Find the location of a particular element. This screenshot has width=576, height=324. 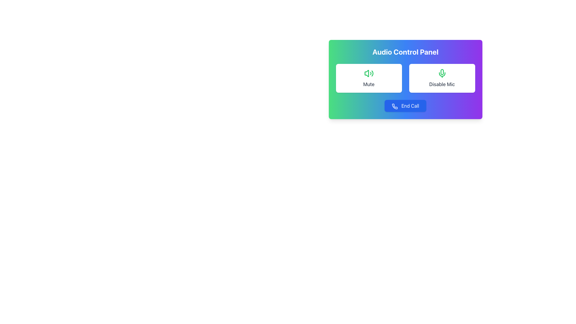

the button that disables the microphone, located in a grid layout on the right-hand side of a two-button row is located at coordinates (442, 78).